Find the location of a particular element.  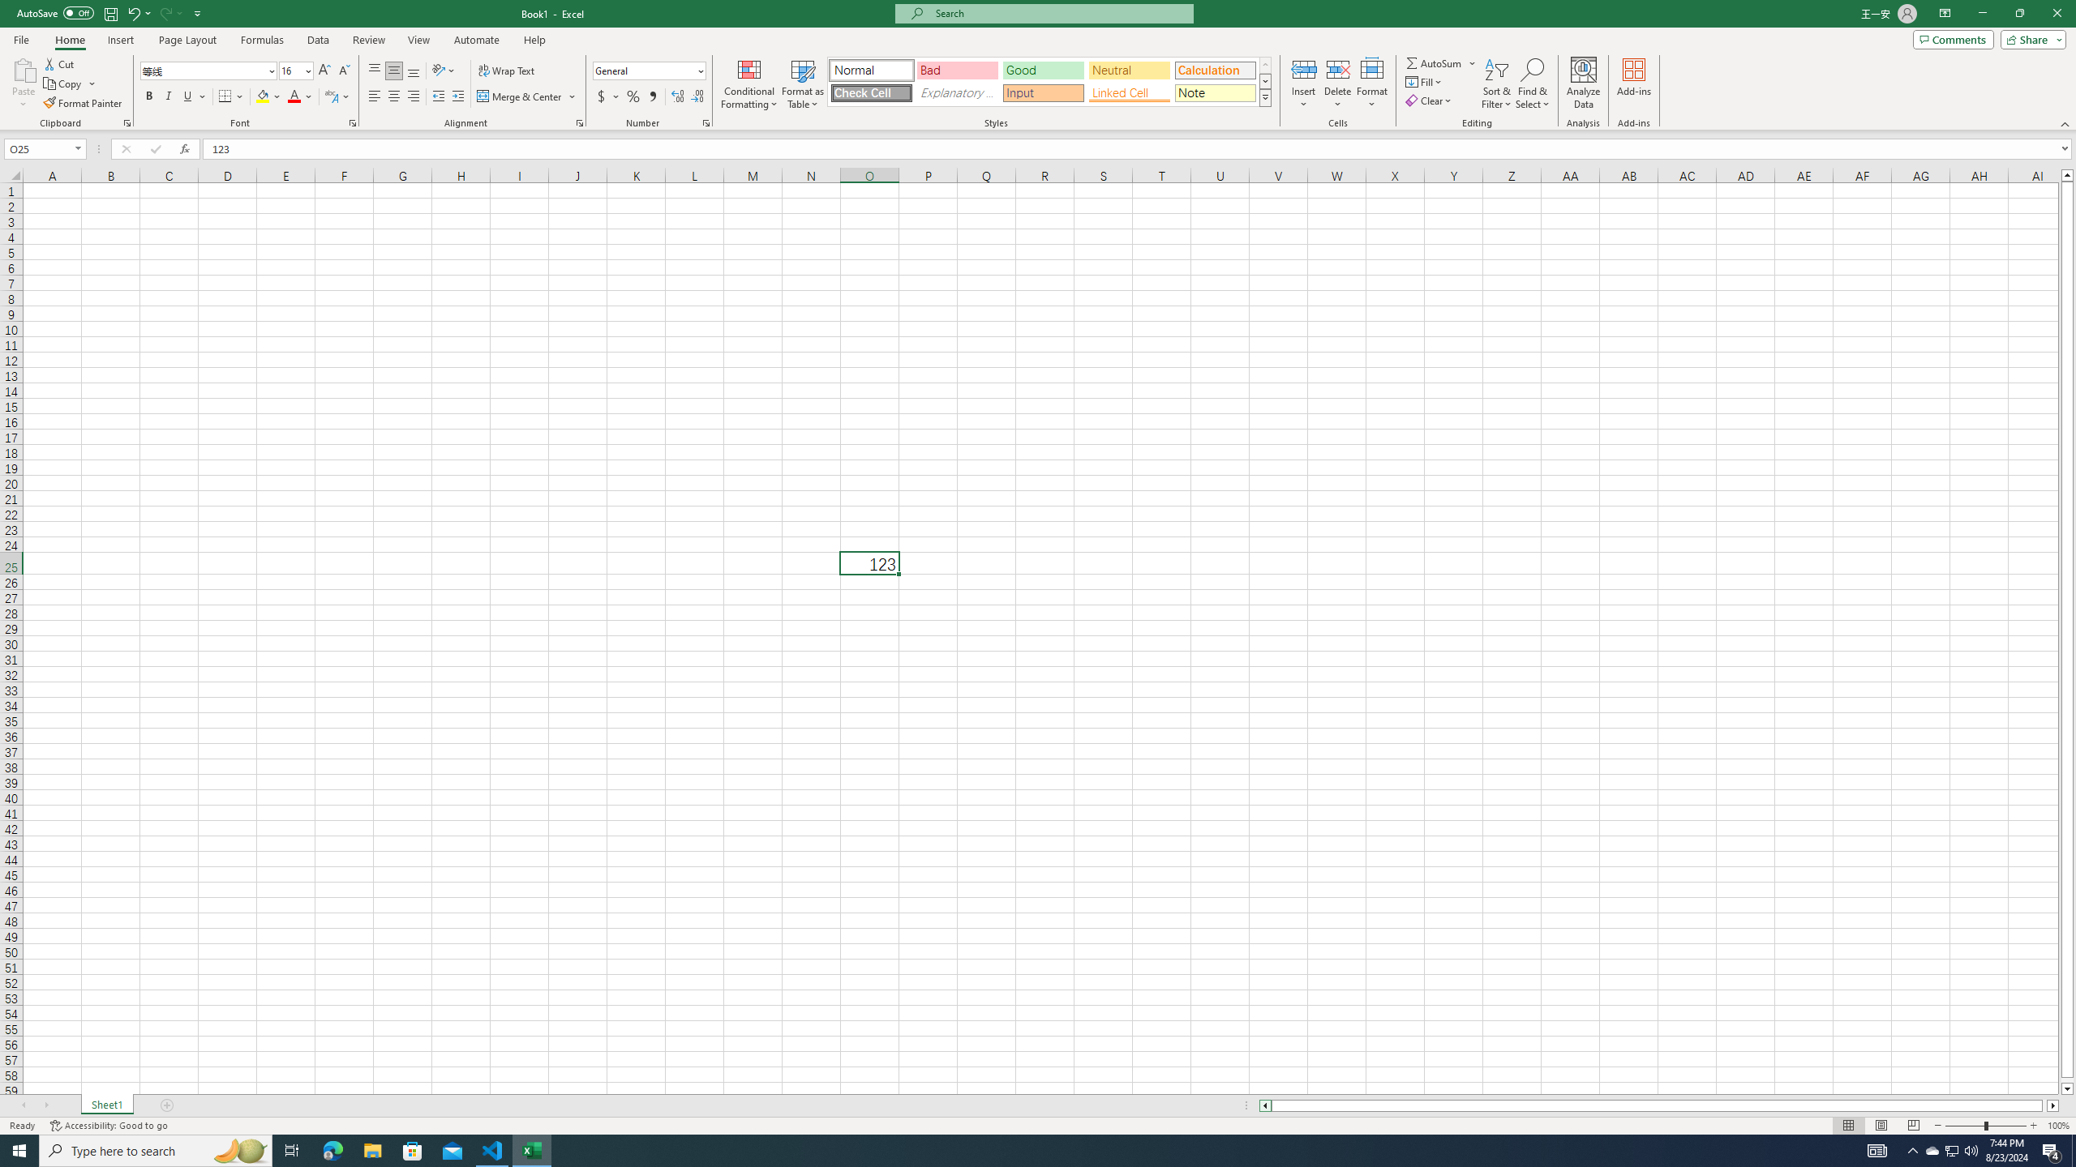

'Good' is located at coordinates (1042, 71).